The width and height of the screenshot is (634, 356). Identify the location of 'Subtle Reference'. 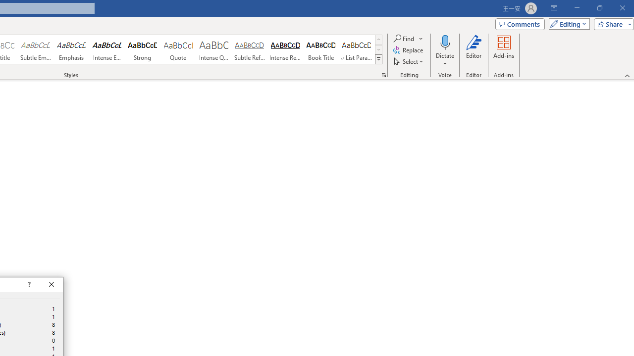
(250, 49).